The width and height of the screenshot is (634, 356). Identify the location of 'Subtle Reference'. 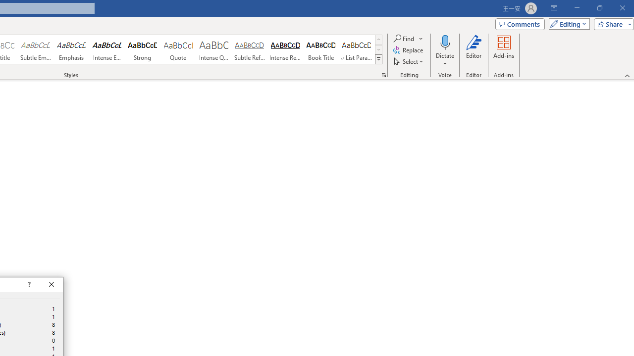
(250, 49).